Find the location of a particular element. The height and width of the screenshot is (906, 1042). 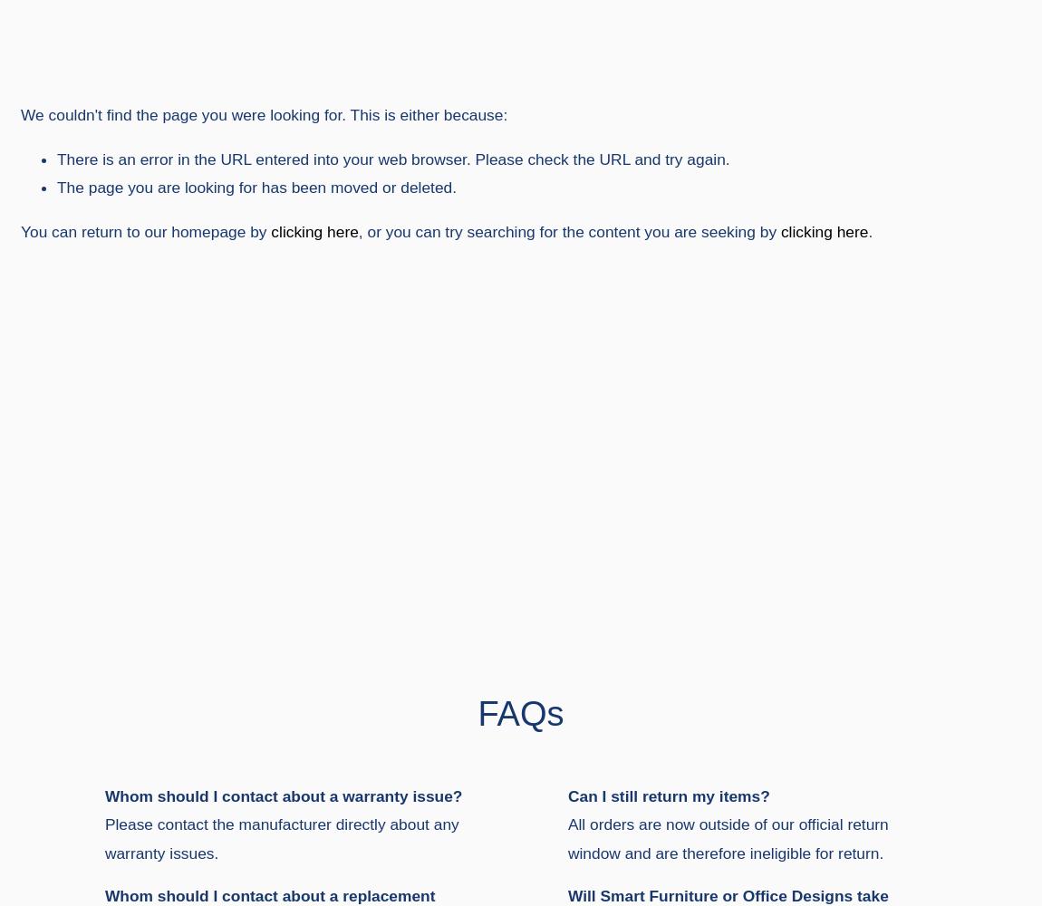

'Whom should I contact about a warranty issue?' is located at coordinates (283, 796).